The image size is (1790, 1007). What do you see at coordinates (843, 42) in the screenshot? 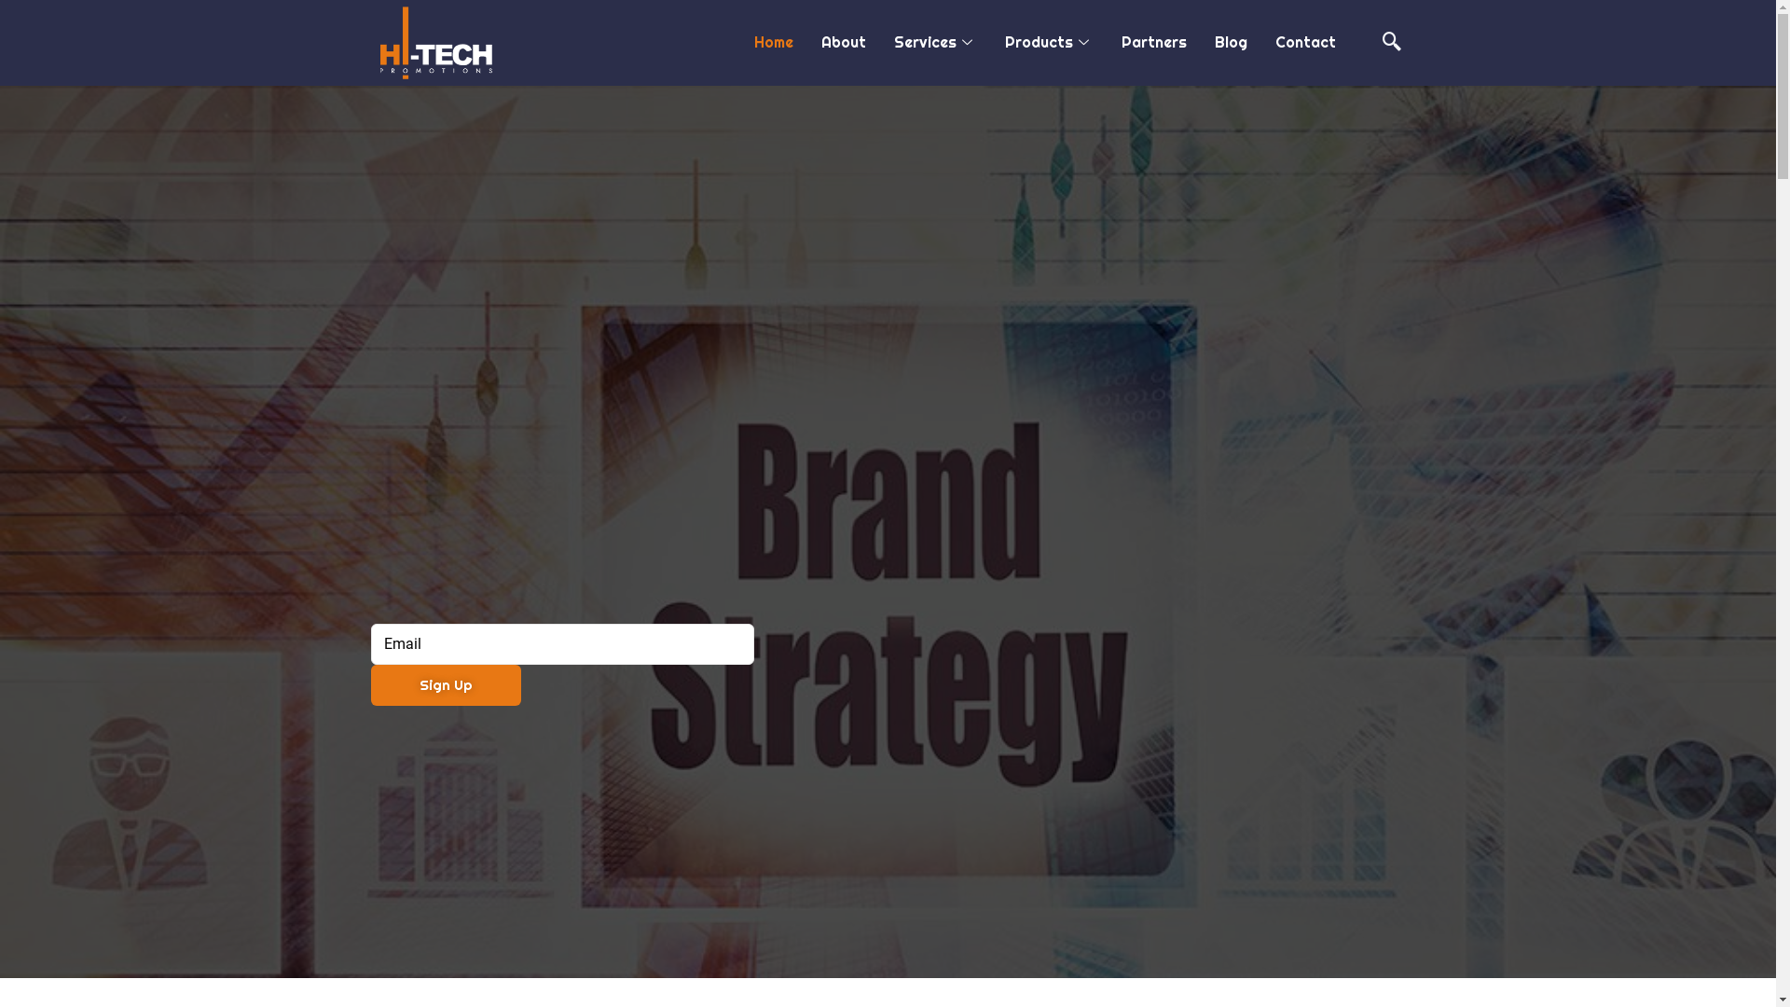
I see `'About'` at bounding box center [843, 42].